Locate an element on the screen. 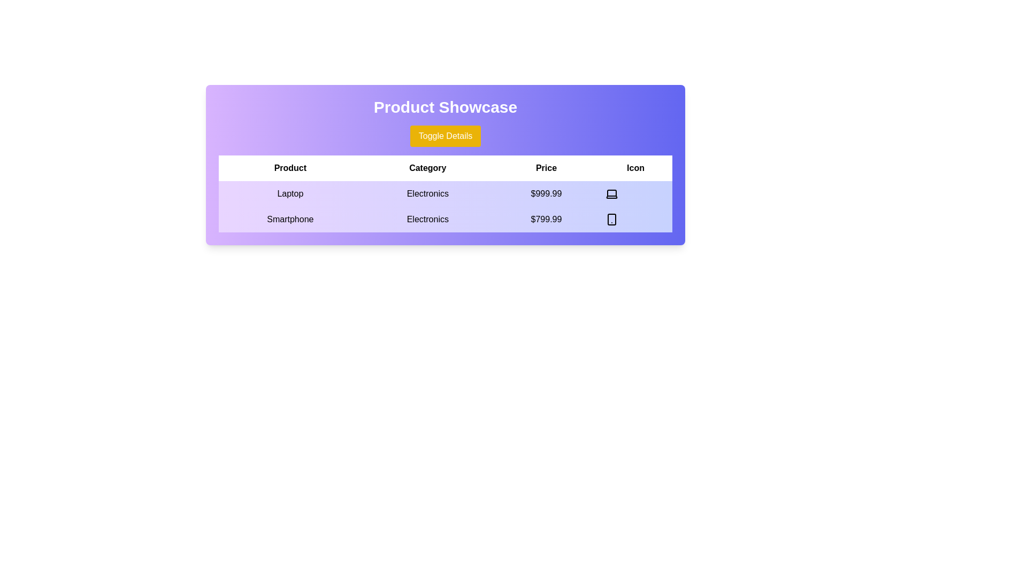 The image size is (1027, 577). the main rectangular shape of the smartphone icon located in the 'Icon' column of the second table row labeled 'Smartphone' is located at coordinates (611, 219).